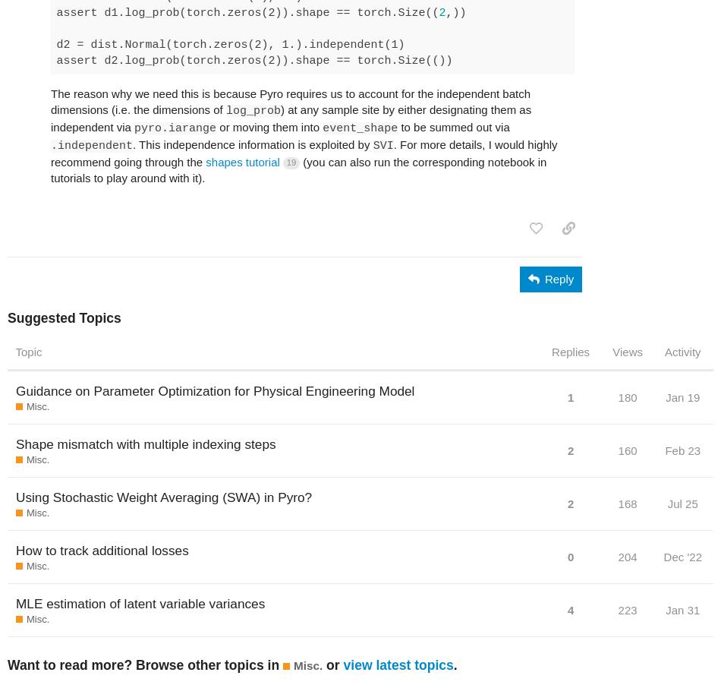 The height and width of the screenshot is (685, 721). Describe the element at coordinates (251, 111) in the screenshot. I see `'log_prob'` at that location.